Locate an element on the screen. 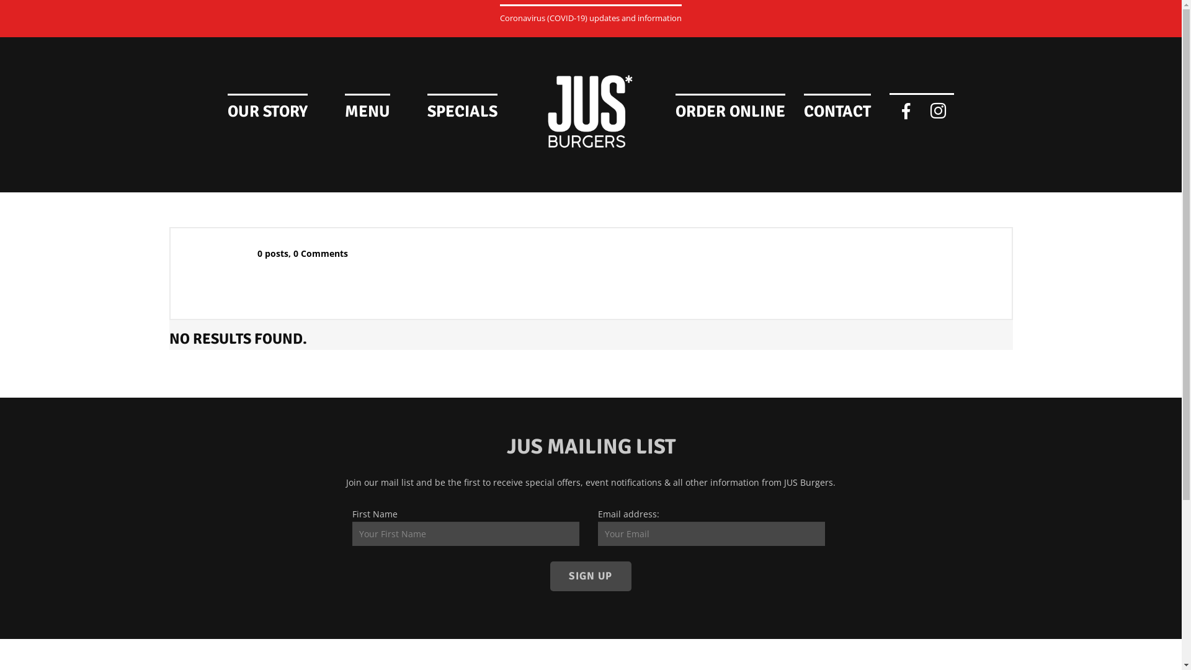 This screenshot has width=1191, height=670. 'Facebook' is located at coordinates (905, 110).